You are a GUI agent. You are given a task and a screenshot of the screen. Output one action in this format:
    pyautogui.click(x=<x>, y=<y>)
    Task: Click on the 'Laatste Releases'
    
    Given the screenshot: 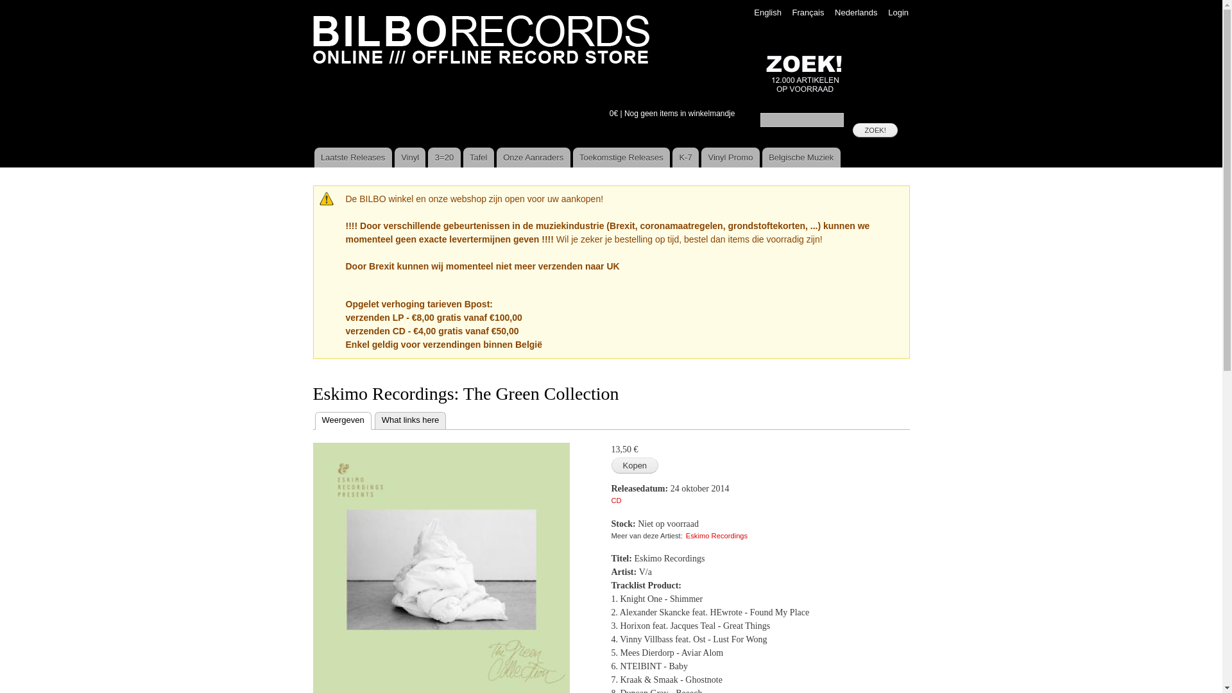 What is the action you would take?
    pyautogui.click(x=353, y=157)
    